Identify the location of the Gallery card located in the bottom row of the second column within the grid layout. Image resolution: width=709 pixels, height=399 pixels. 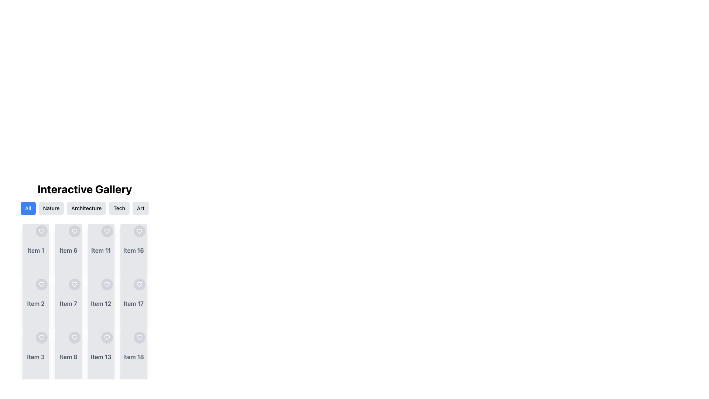
(68, 356).